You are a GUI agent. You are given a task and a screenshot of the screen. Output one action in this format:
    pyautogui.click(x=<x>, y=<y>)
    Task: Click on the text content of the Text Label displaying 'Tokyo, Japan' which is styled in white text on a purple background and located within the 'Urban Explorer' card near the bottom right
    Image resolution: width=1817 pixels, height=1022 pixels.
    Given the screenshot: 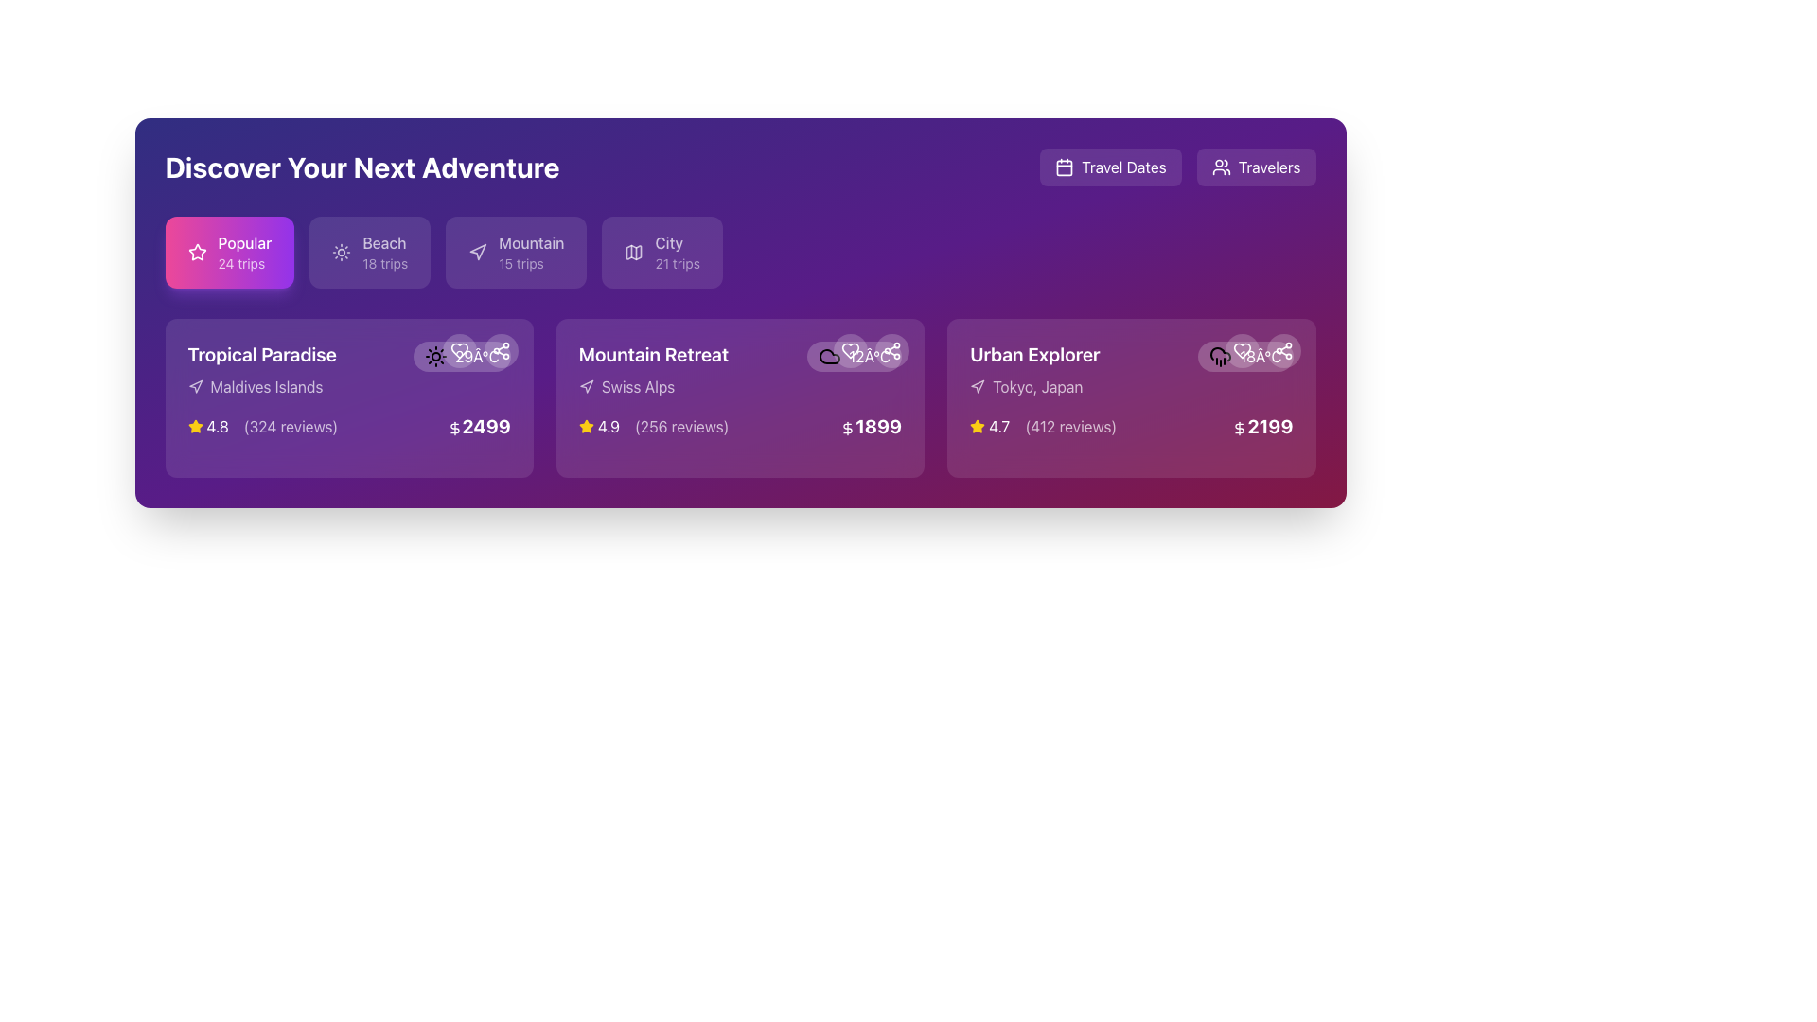 What is the action you would take?
    pyautogui.click(x=1036, y=385)
    